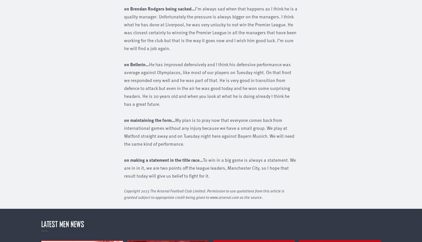  I want to click on 'on making a statement in the title race…', so click(163, 159).